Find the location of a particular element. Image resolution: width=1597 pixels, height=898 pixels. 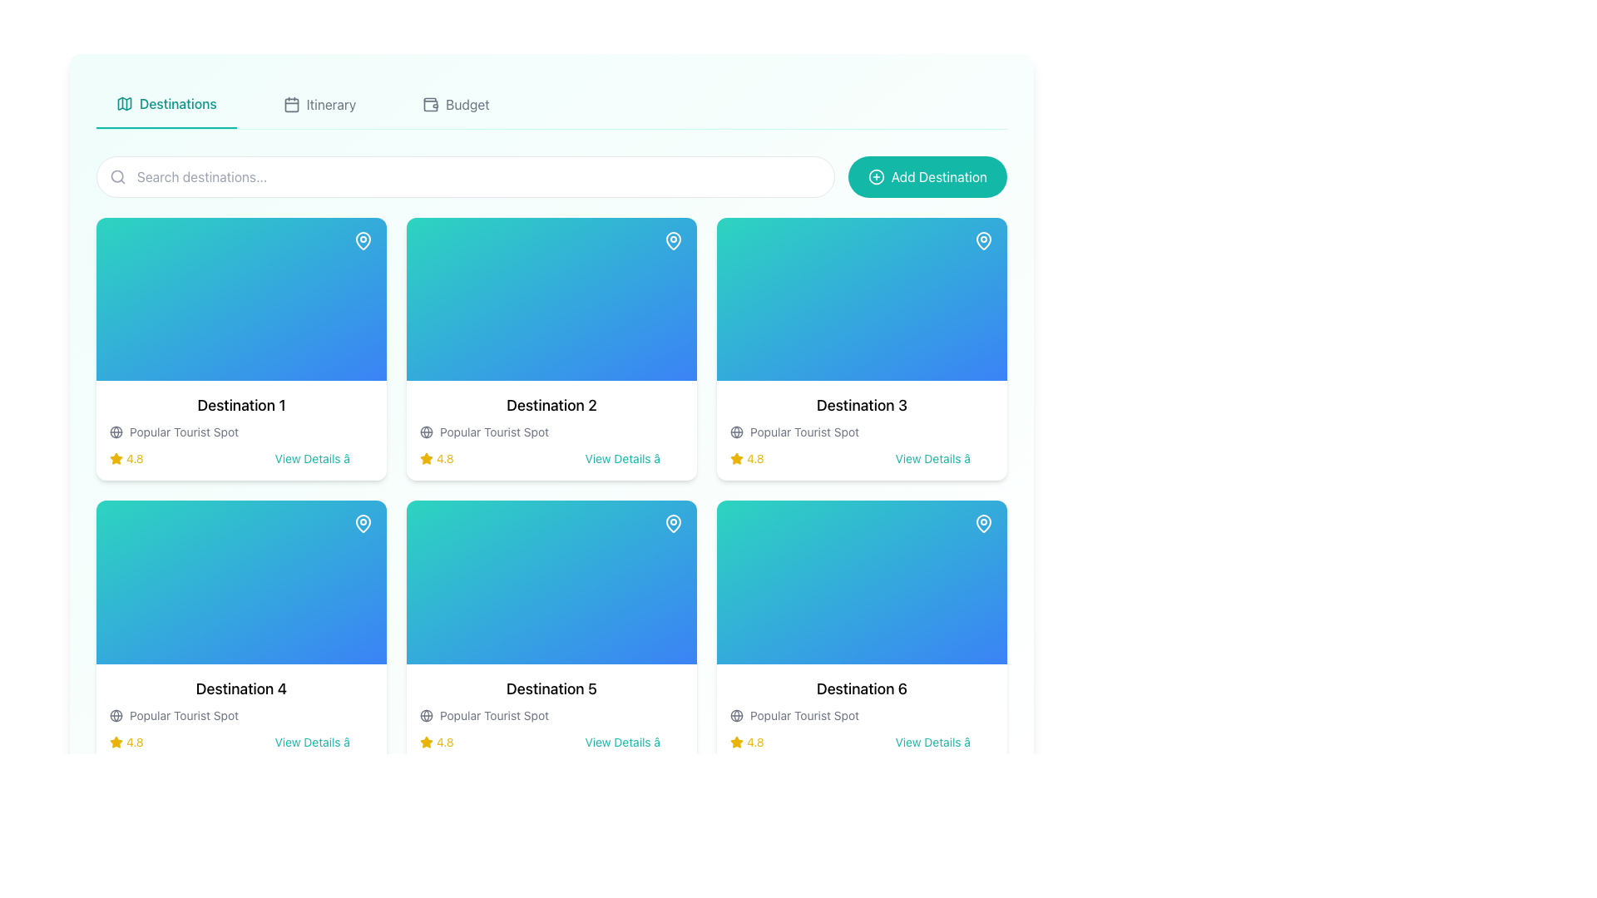

the map pin icon located in the top-right corner of the 'Destination 1' card is located at coordinates (362, 240).